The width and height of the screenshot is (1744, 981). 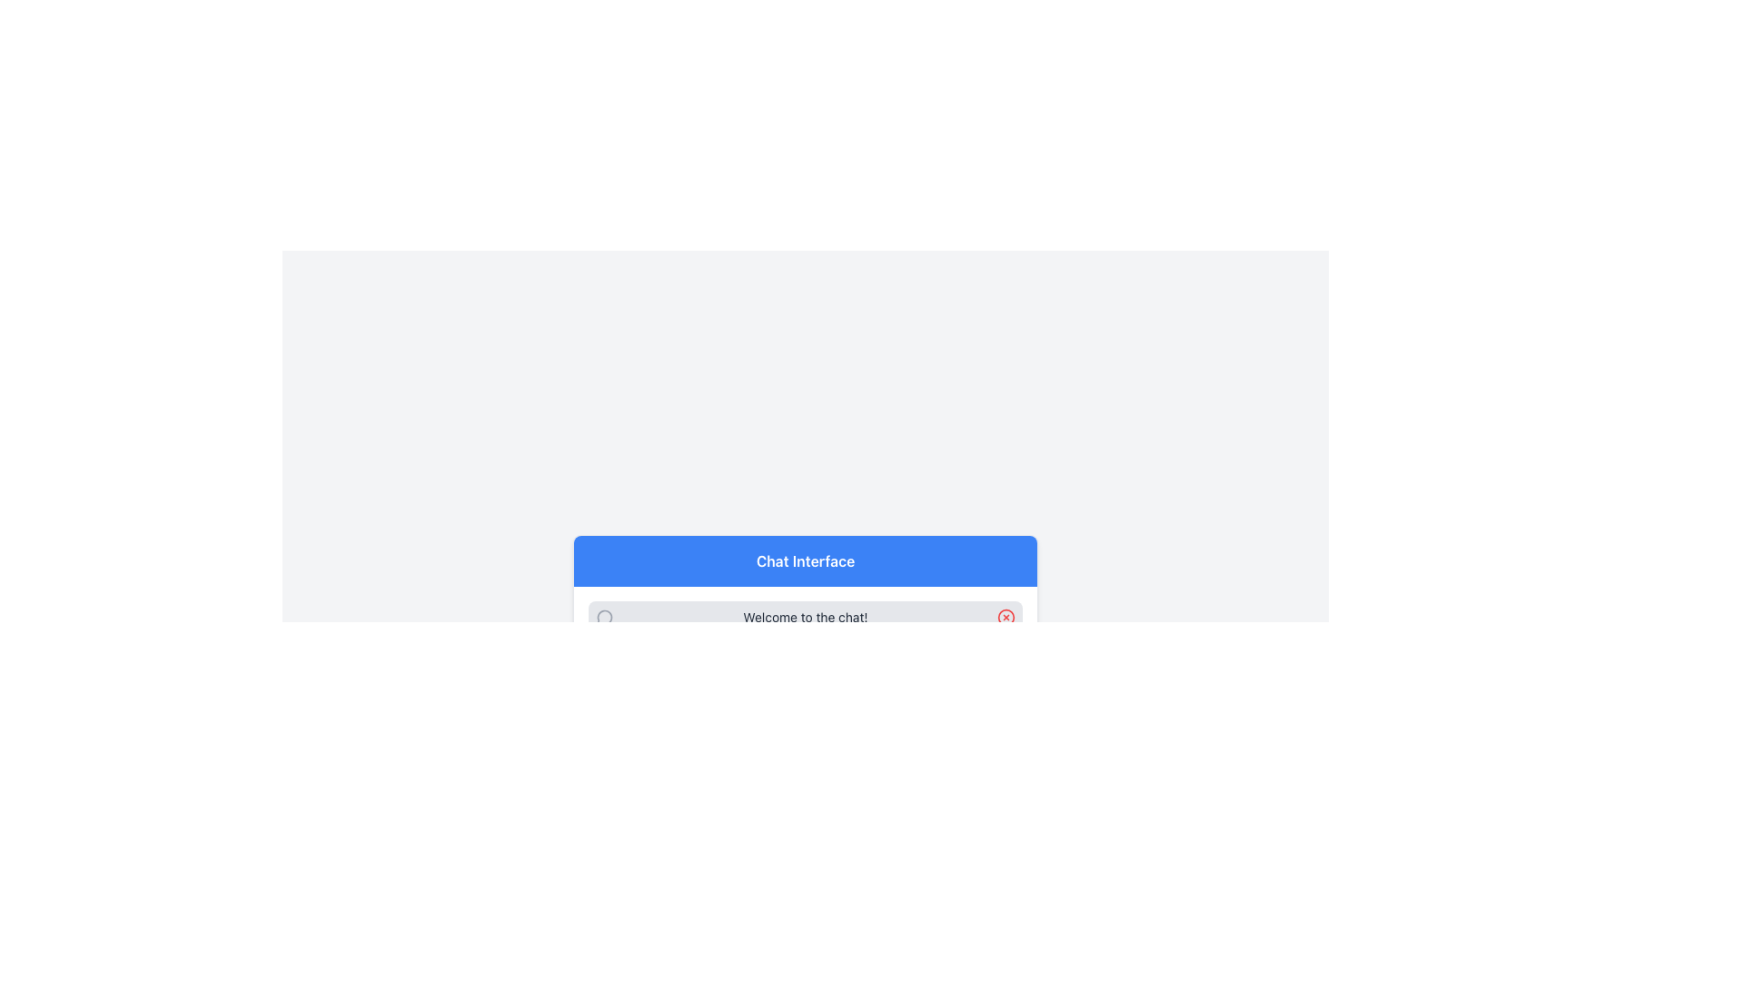 I want to click on the circular icon element located to the right of the 'Welcome to the chat!' message, which serves as a decorative or indicative component within the chat interface, so click(x=1006, y=616).